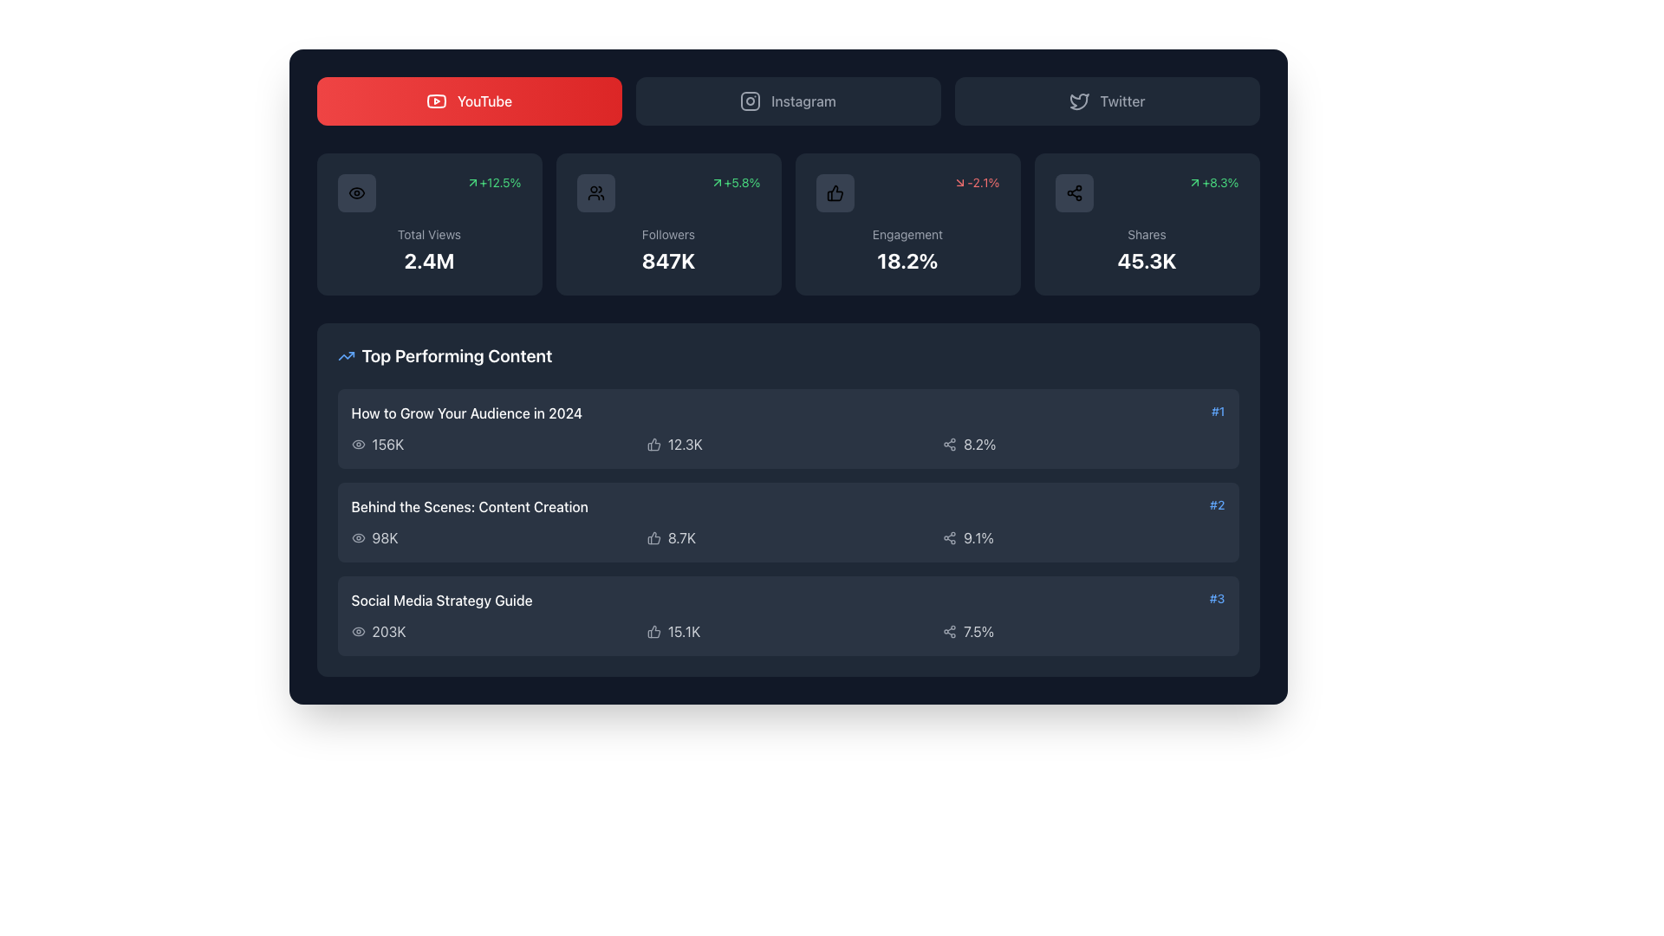  Describe the element at coordinates (1194, 183) in the screenshot. I see `the upward-right arrow icon with a green stroke, located at the top-right of the rectangle showing 'Shares' information, adjacent to the '+8.3%' text` at that location.